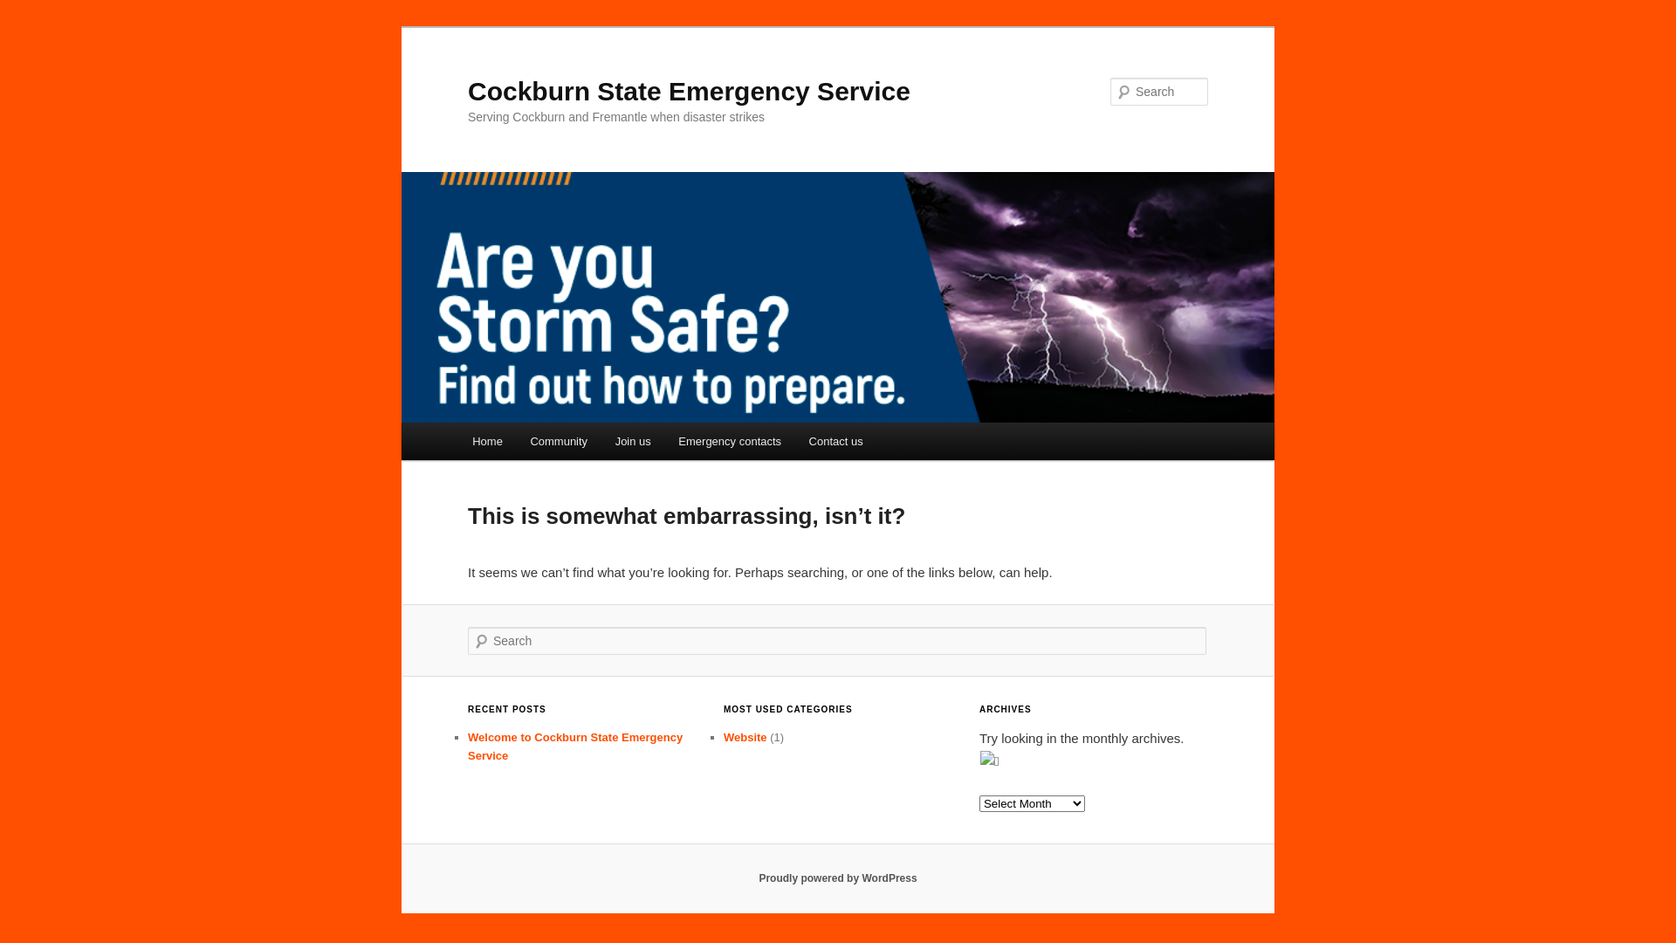  What do you see at coordinates (730, 440) in the screenshot?
I see `'Emergency contacts'` at bounding box center [730, 440].